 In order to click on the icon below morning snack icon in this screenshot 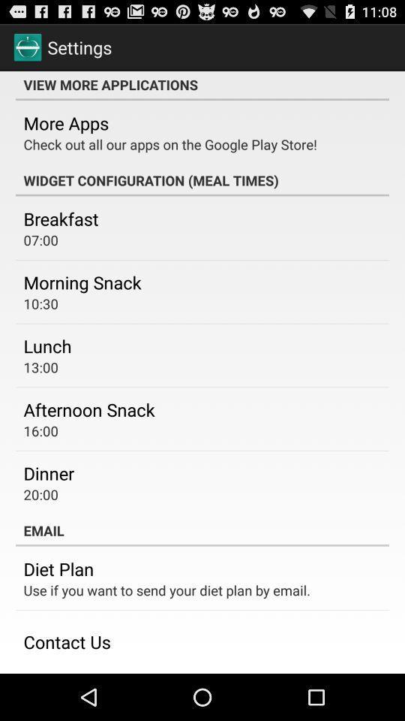, I will do `click(40, 303)`.